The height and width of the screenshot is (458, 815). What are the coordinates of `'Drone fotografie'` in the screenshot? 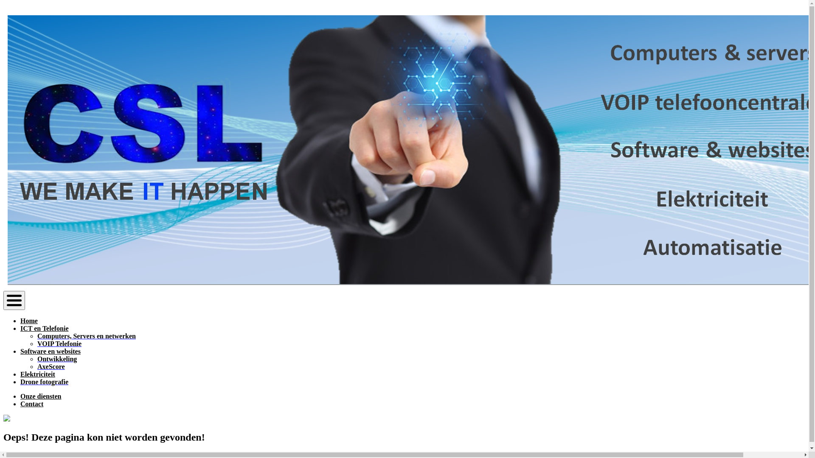 It's located at (20, 382).